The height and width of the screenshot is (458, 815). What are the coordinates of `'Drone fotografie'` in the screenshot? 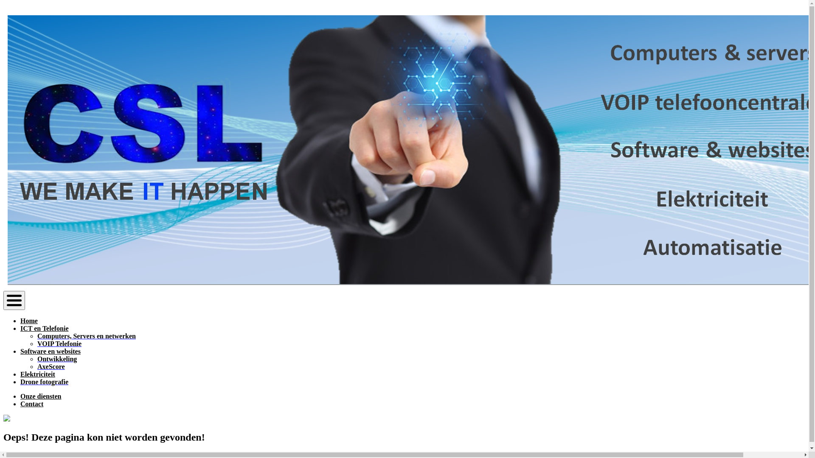 It's located at (20, 382).